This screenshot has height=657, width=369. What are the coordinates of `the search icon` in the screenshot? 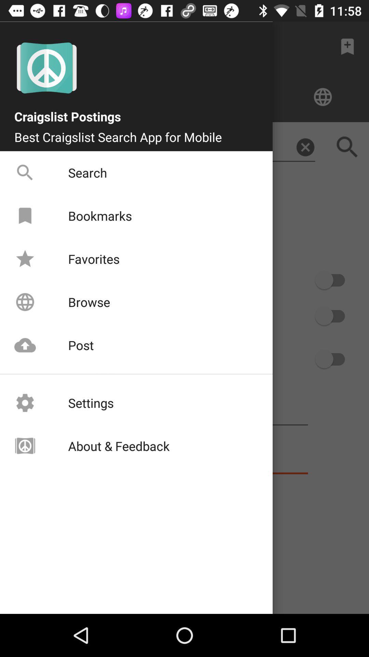 It's located at (347, 147).